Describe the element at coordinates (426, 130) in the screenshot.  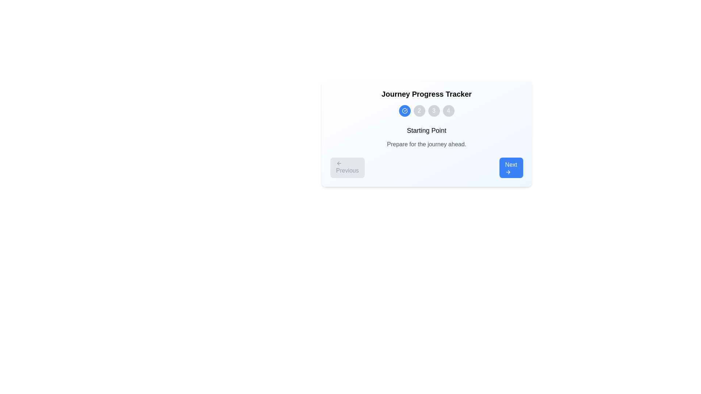
I see `the text label that serves as a title or heading for the section above the text 'Prepare for the journey ahead.'` at that location.